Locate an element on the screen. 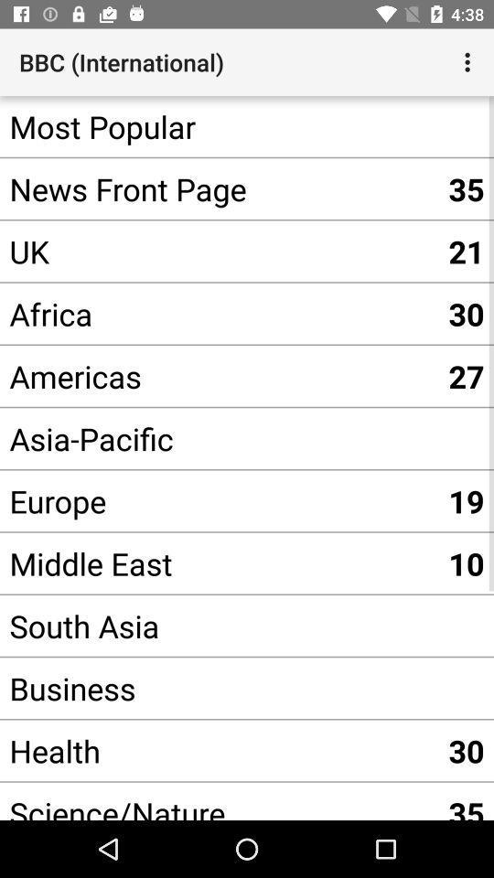 The width and height of the screenshot is (494, 878). the icon to the left of the 10 item is located at coordinates (219, 626).